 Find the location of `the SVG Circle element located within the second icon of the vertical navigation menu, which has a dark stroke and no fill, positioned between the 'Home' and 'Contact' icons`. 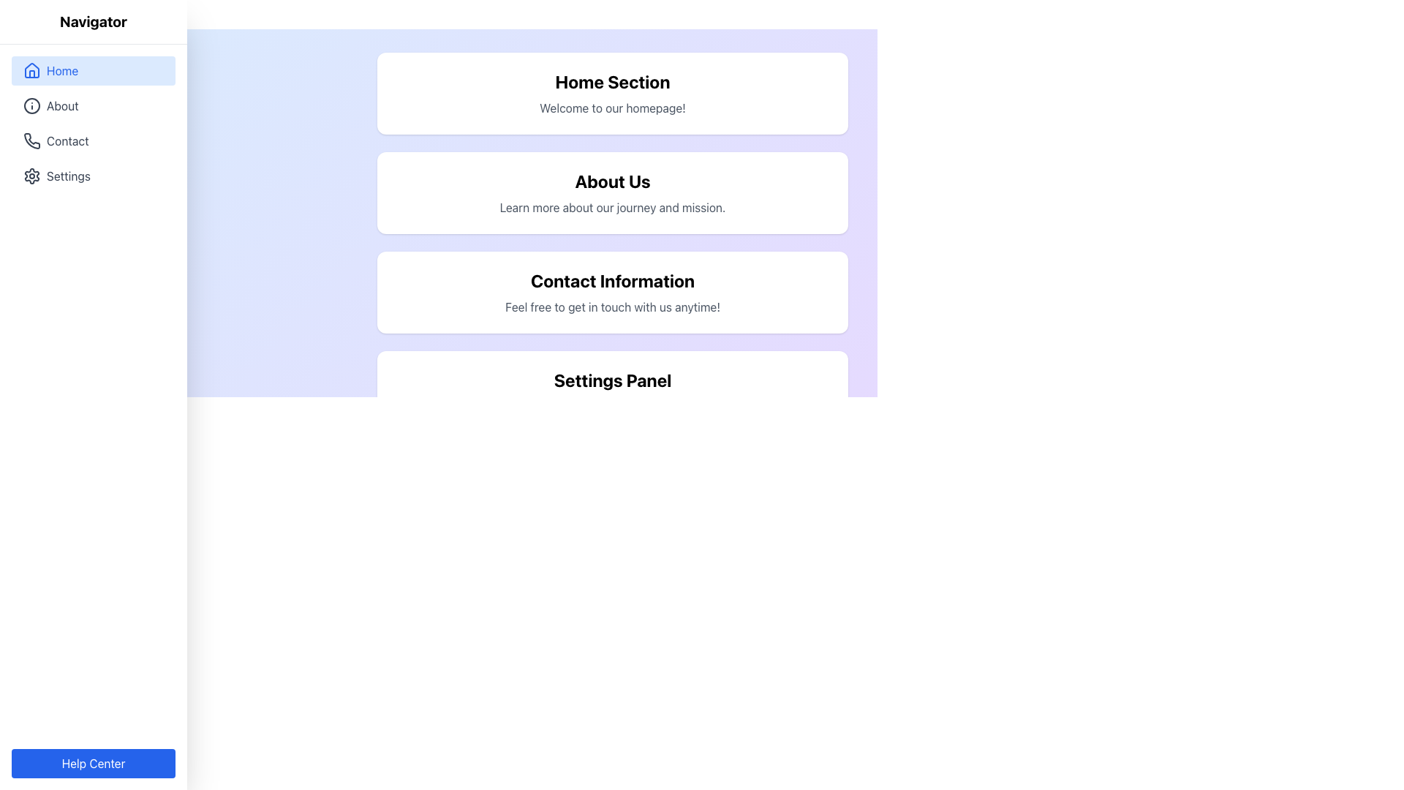

the SVG Circle element located within the second icon of the vertical navigation menu, which has a dark stroke and no fill, positioned between the 'Home' and 'Contact' icons is located at coordinates (31, 105).